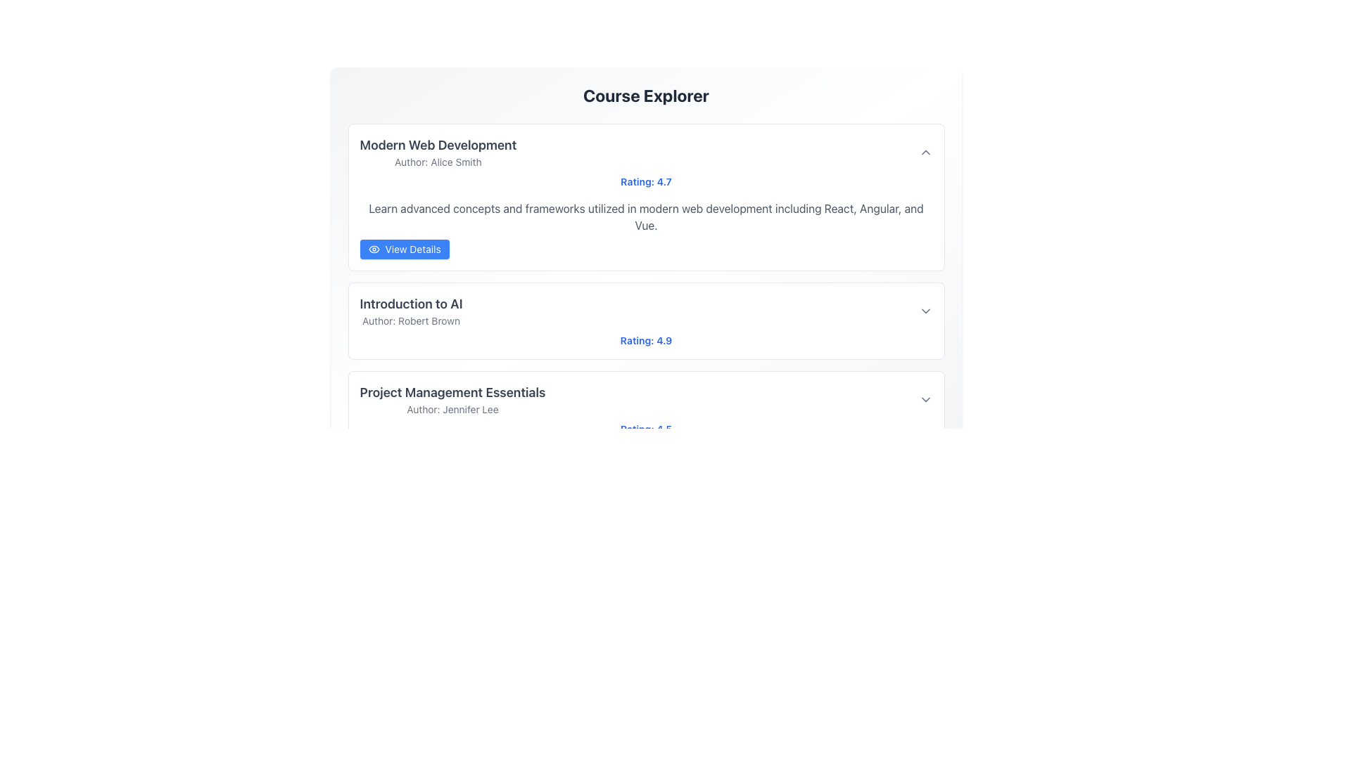  I want to click on the Text Label displaying 'Introduction to AI', which is styled in a larger bold font and is located above the subtitle 'Author: Robert Brown' in the Course Explorer section, so click(410, 303).